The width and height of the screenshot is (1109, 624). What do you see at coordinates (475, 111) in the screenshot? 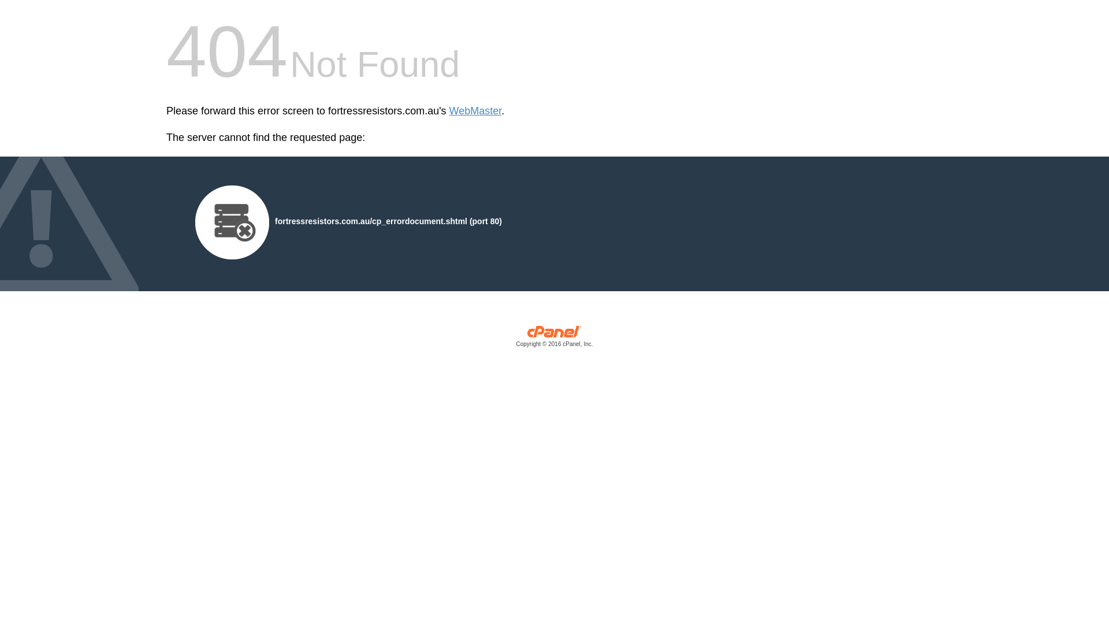
I see `'WebMaster'` at bounding box center [475, 111].